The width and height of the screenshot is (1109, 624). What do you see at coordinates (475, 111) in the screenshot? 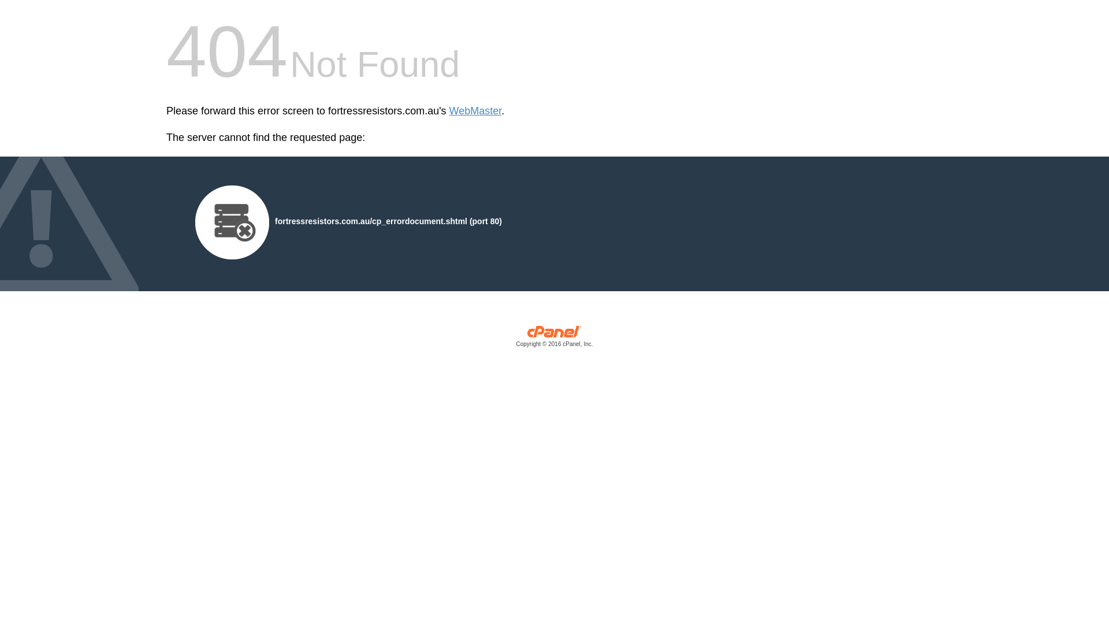
I see `'WebMaster'` at bounding box center [475, 111].